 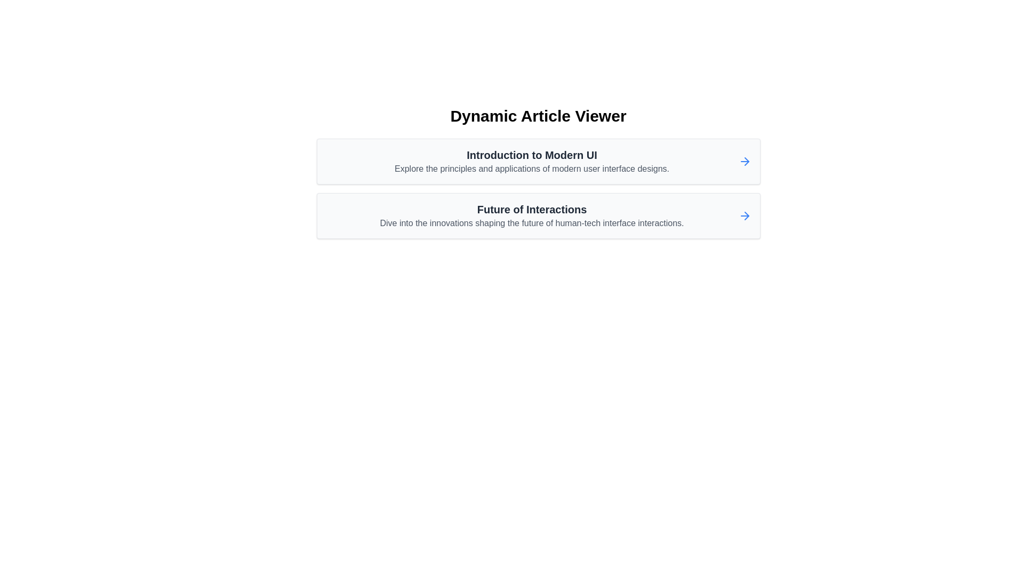 I want to click on the informational text block that displays the title and description of an article, located centrally below the main header 'Dynamic Article Viewer.', so click(x=532, y=162).